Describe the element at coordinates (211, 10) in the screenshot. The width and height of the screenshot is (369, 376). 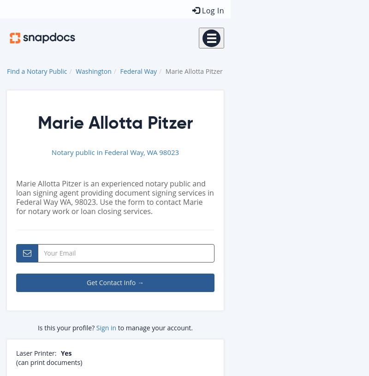
I see `'Log In'` at that location.